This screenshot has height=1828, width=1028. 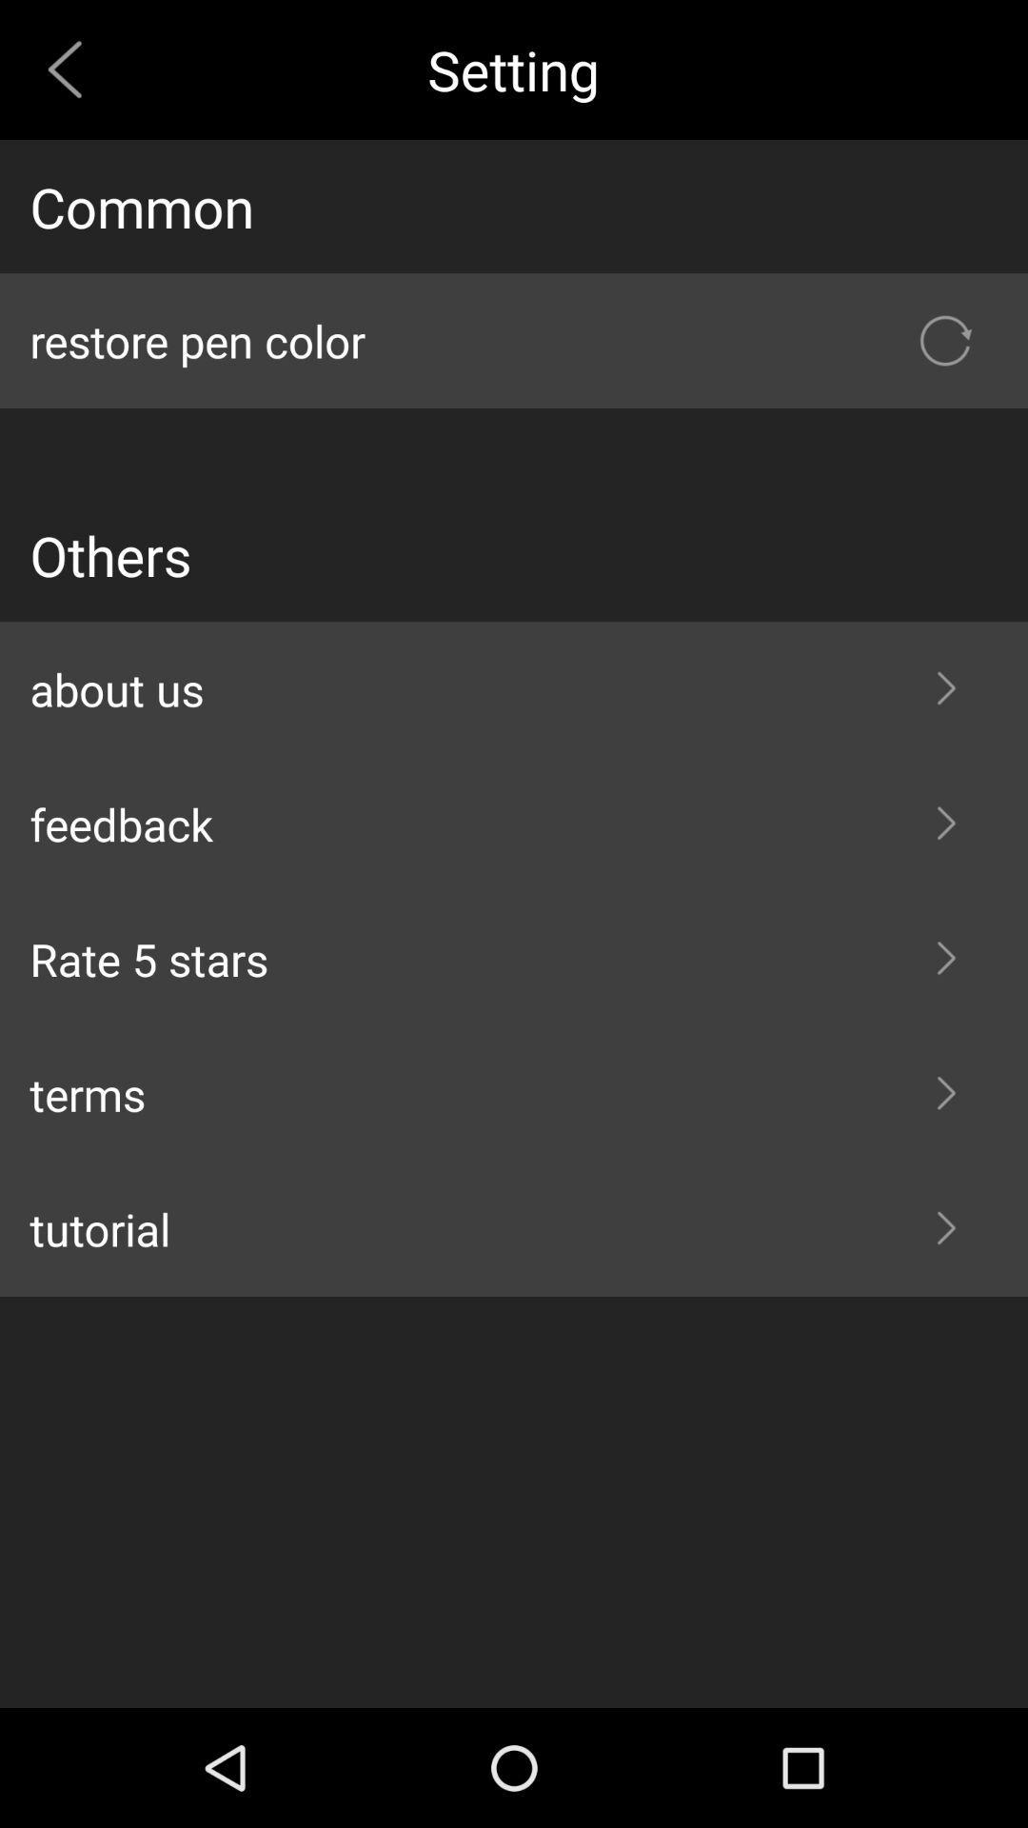 I want to click on the item above the tutorial item, so click(x=514, y=1094).